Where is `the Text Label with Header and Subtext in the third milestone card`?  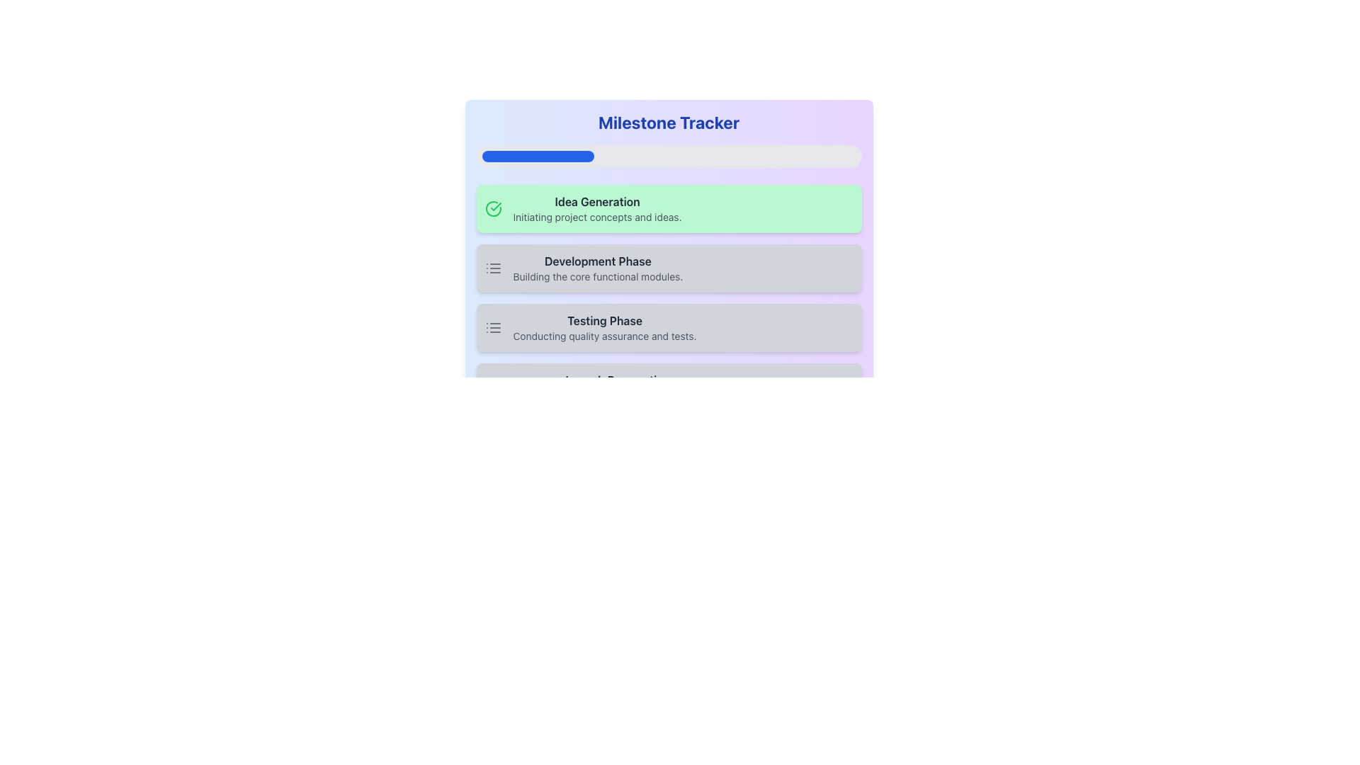 the Text Label with Header and Subtext in the third milestone card is located at coordinates (605, 327).